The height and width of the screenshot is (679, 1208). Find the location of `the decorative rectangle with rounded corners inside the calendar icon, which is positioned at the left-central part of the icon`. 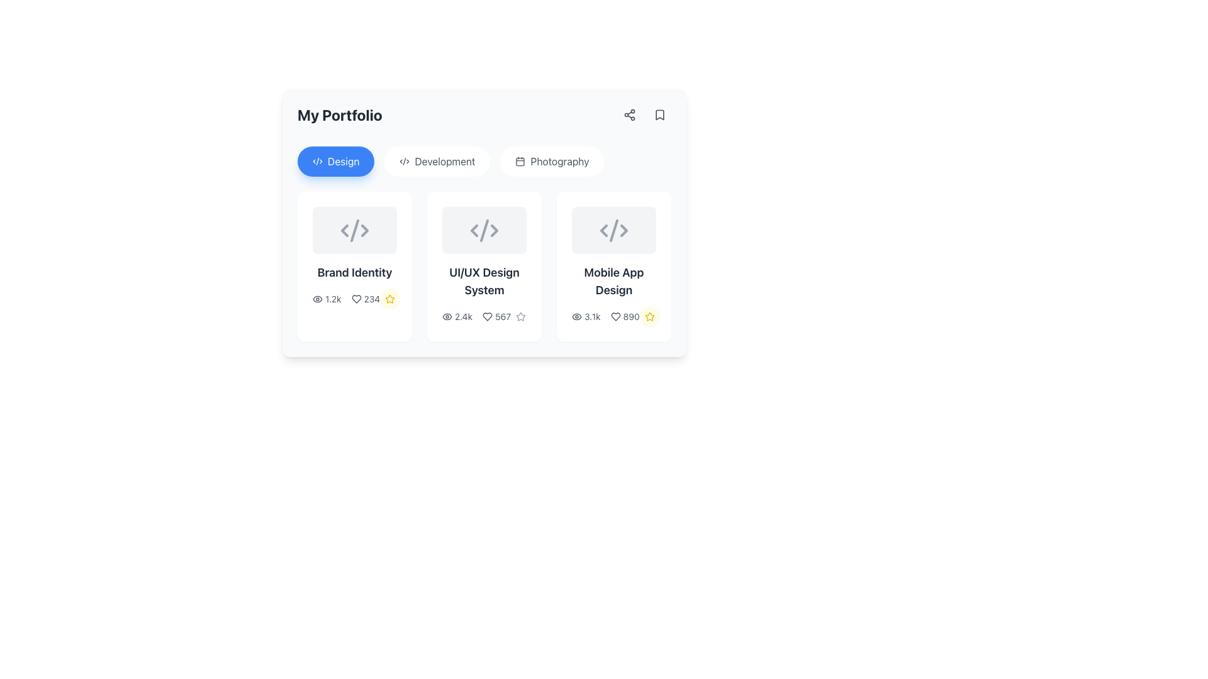

the decorative rectangle with rounded corners inside the calendar icon, which is positioned at the left-central part of the icon is located at coordinates (520, 161).